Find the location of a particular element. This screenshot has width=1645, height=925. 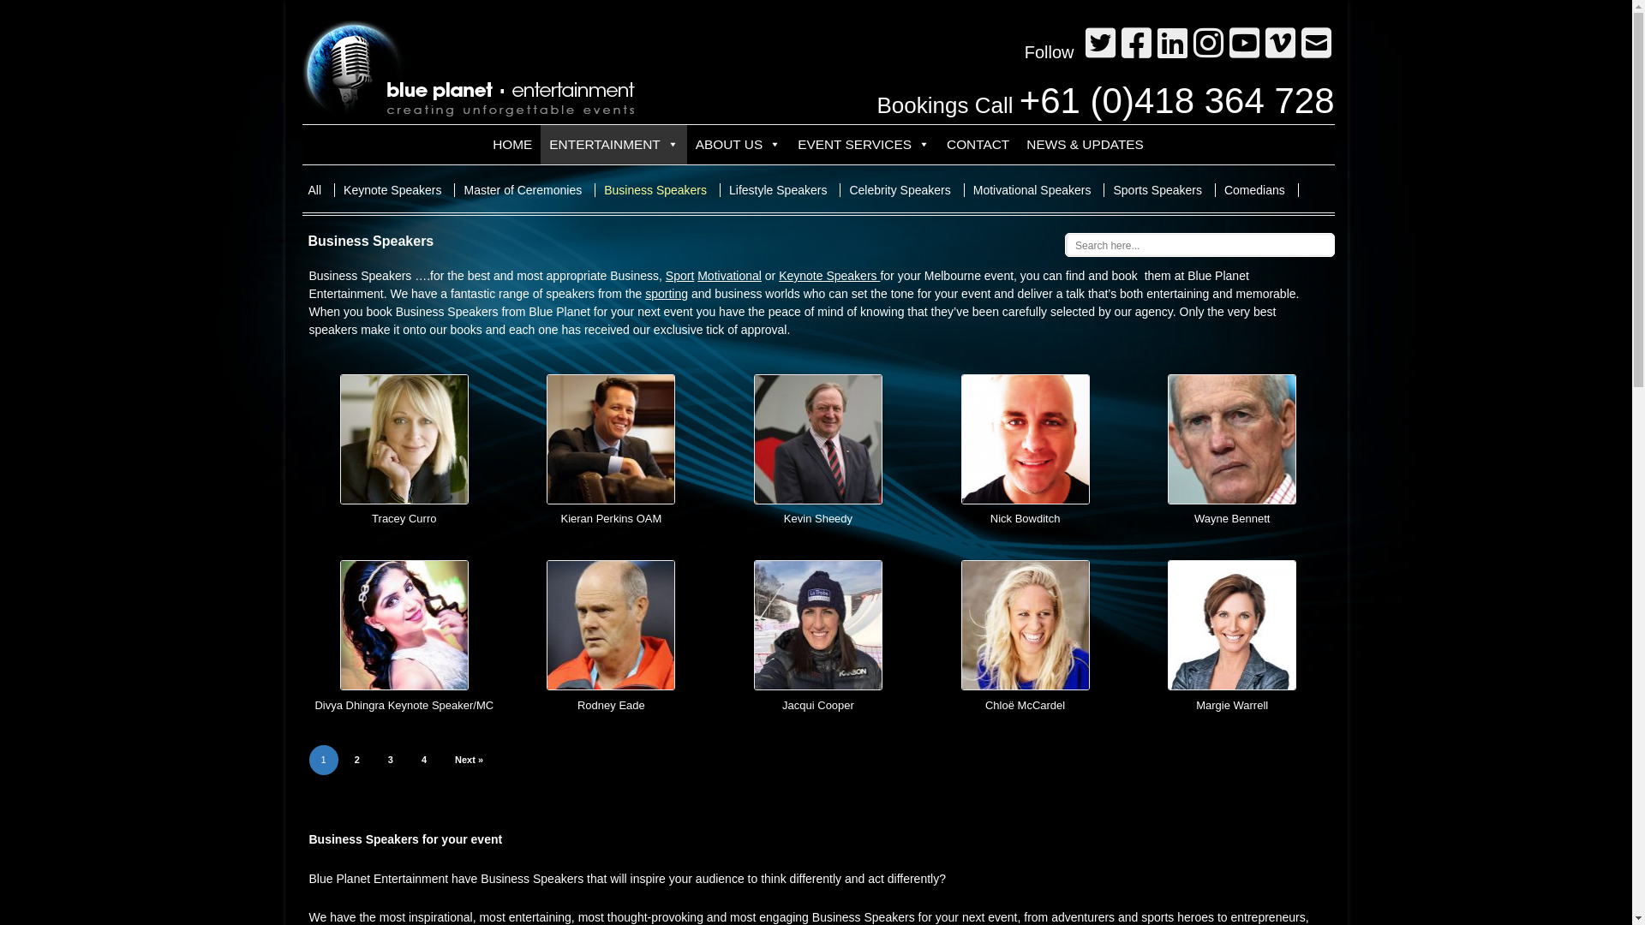

'Comedians' is located at coordinates (1261, 190).